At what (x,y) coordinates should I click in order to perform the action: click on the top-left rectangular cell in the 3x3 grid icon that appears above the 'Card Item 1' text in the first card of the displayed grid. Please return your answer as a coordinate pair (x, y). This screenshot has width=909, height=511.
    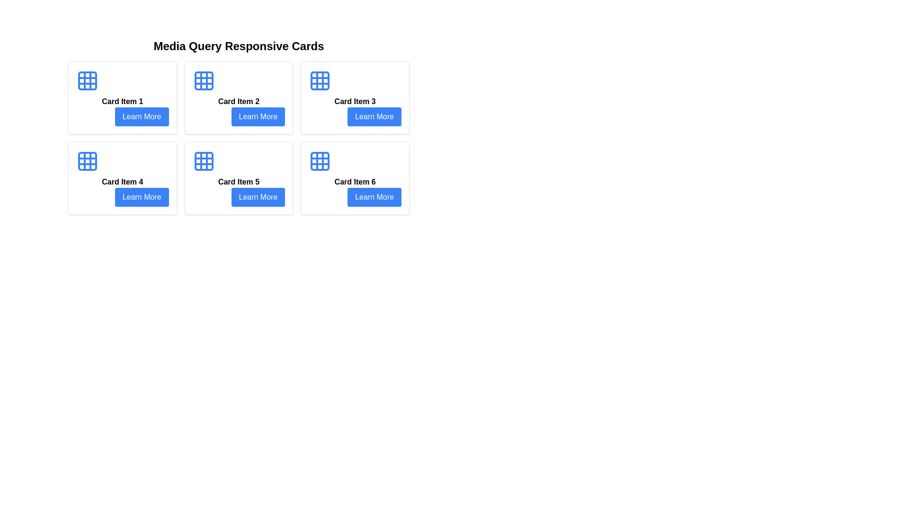
    Looking at the image, I should click on (88, 80).